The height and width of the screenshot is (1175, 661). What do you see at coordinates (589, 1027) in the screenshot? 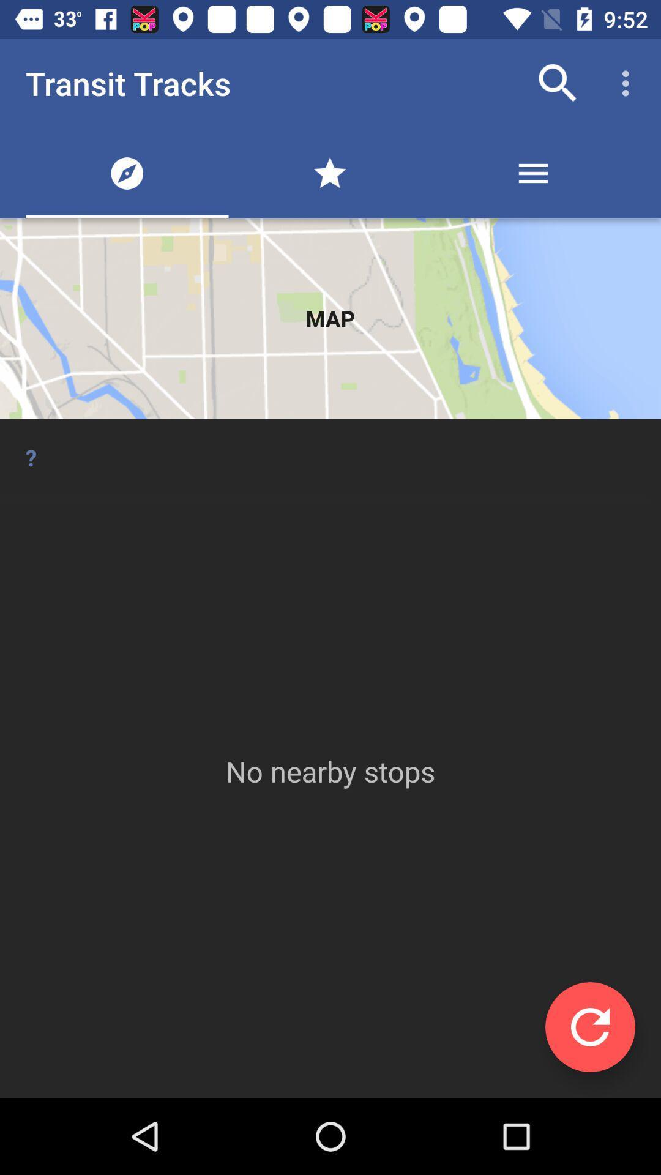
I see `the refresh icon` at bounding box center [589, 1027].